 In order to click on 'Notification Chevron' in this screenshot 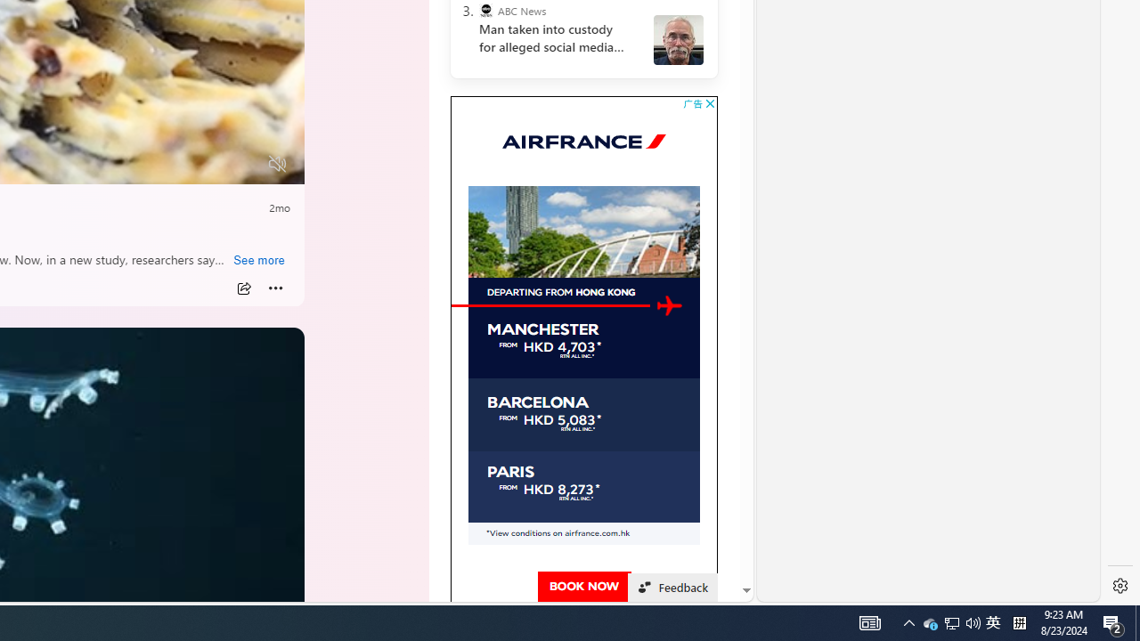, I will do `click(930, 621)`.